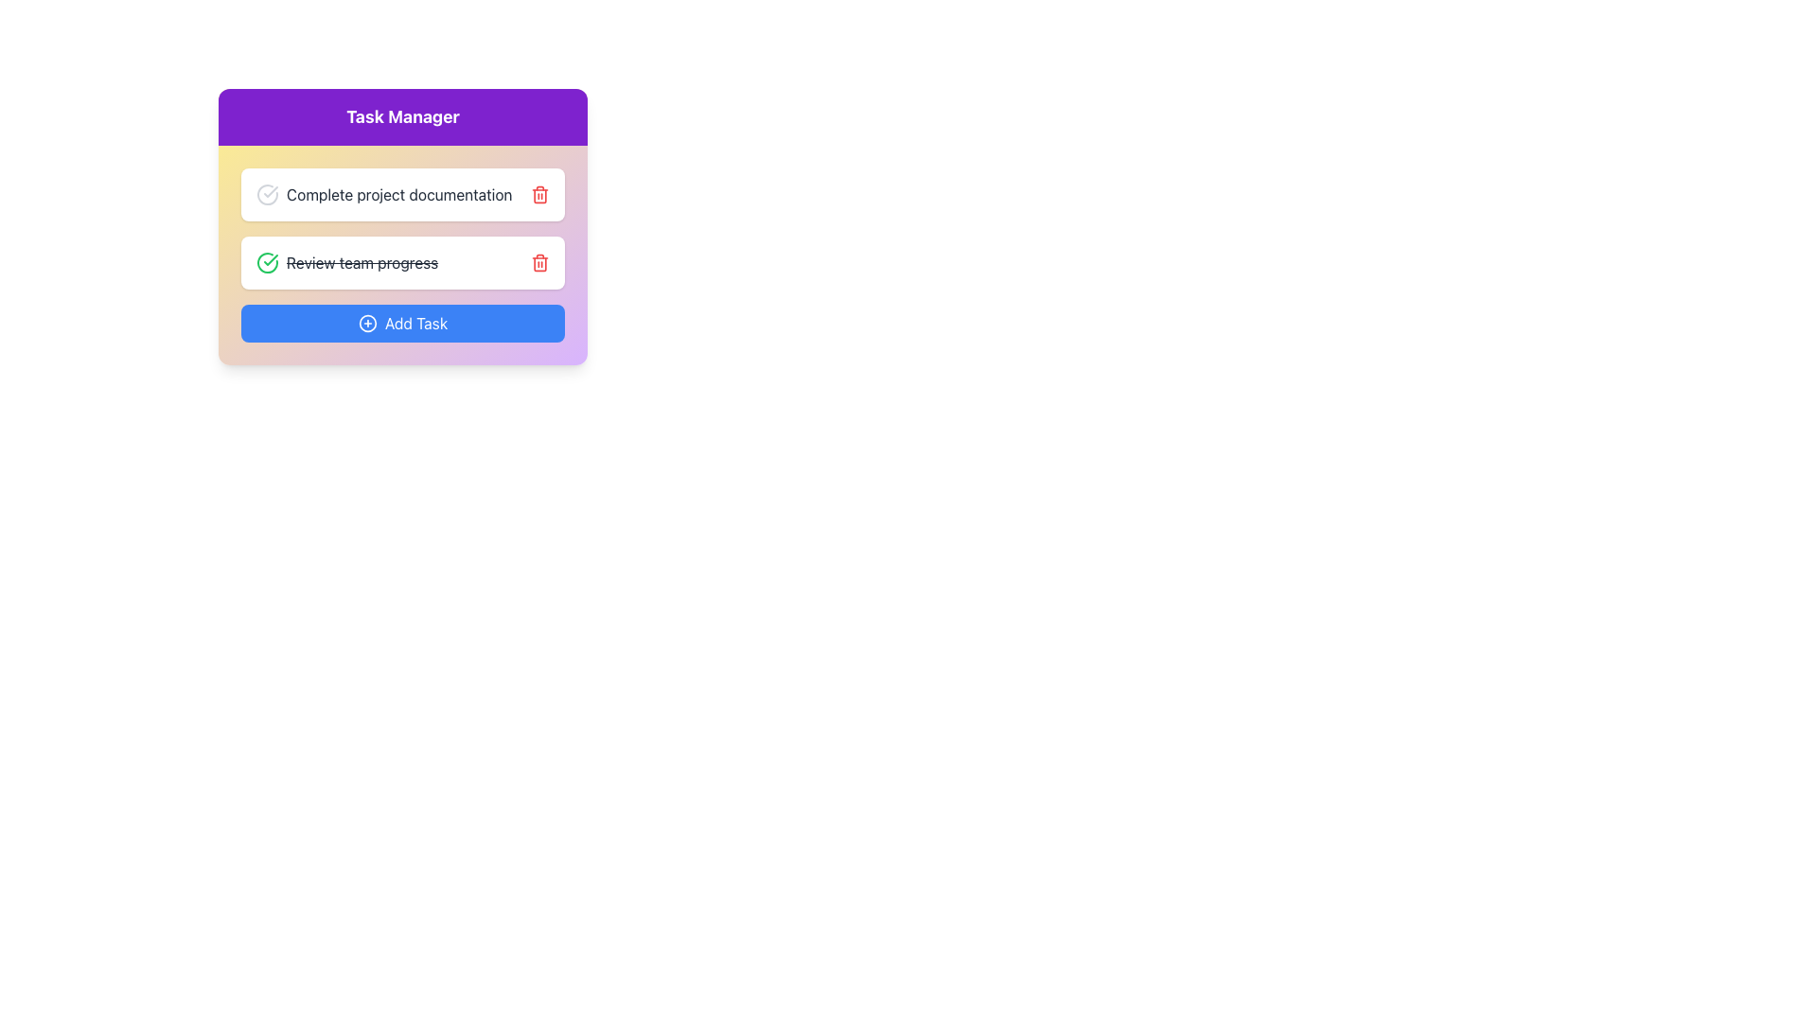  What do you see at coordinates (539, 262) in the screenshot?
I see `the deletion icon button located at the far right of the task card containing the text 'Review team progress'` at bounding box center [539, 262].